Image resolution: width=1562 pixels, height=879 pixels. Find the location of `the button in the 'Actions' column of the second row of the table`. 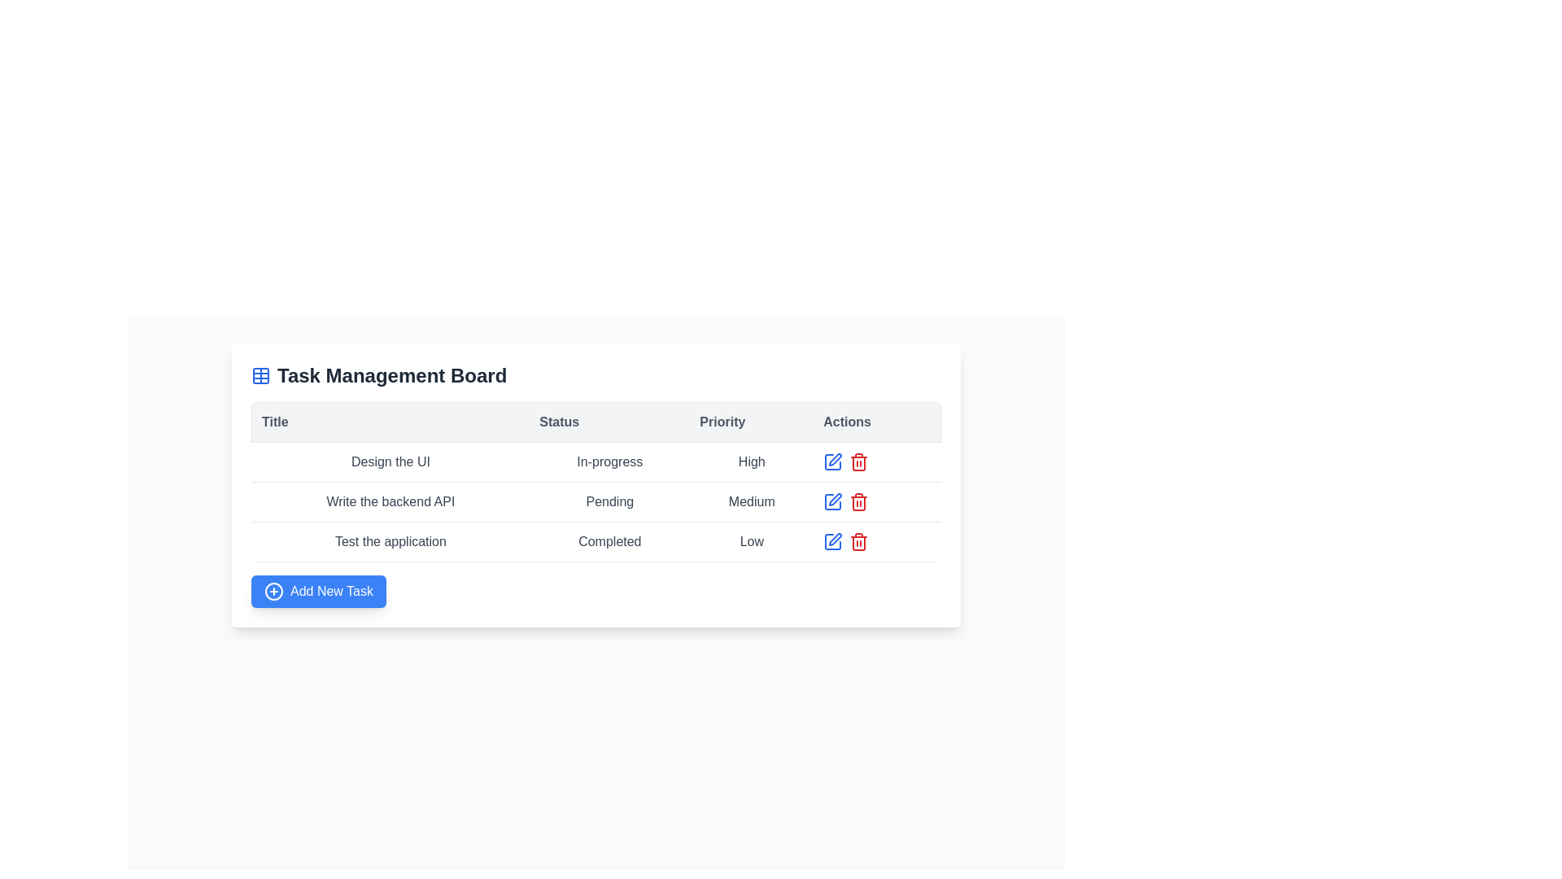

the button in the 'Actions' column of the second row of the table is located at coordinates (832, 461).